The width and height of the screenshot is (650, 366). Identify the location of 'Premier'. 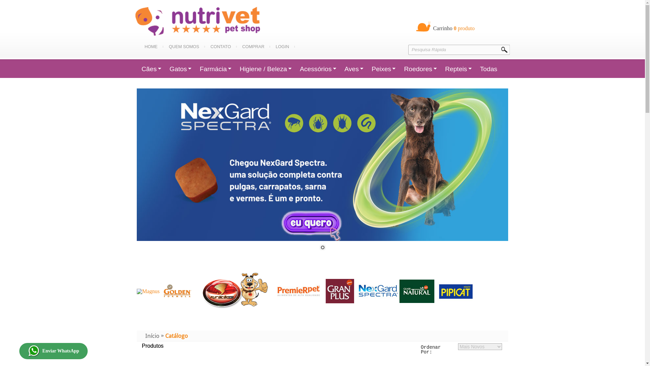
(298, 291).